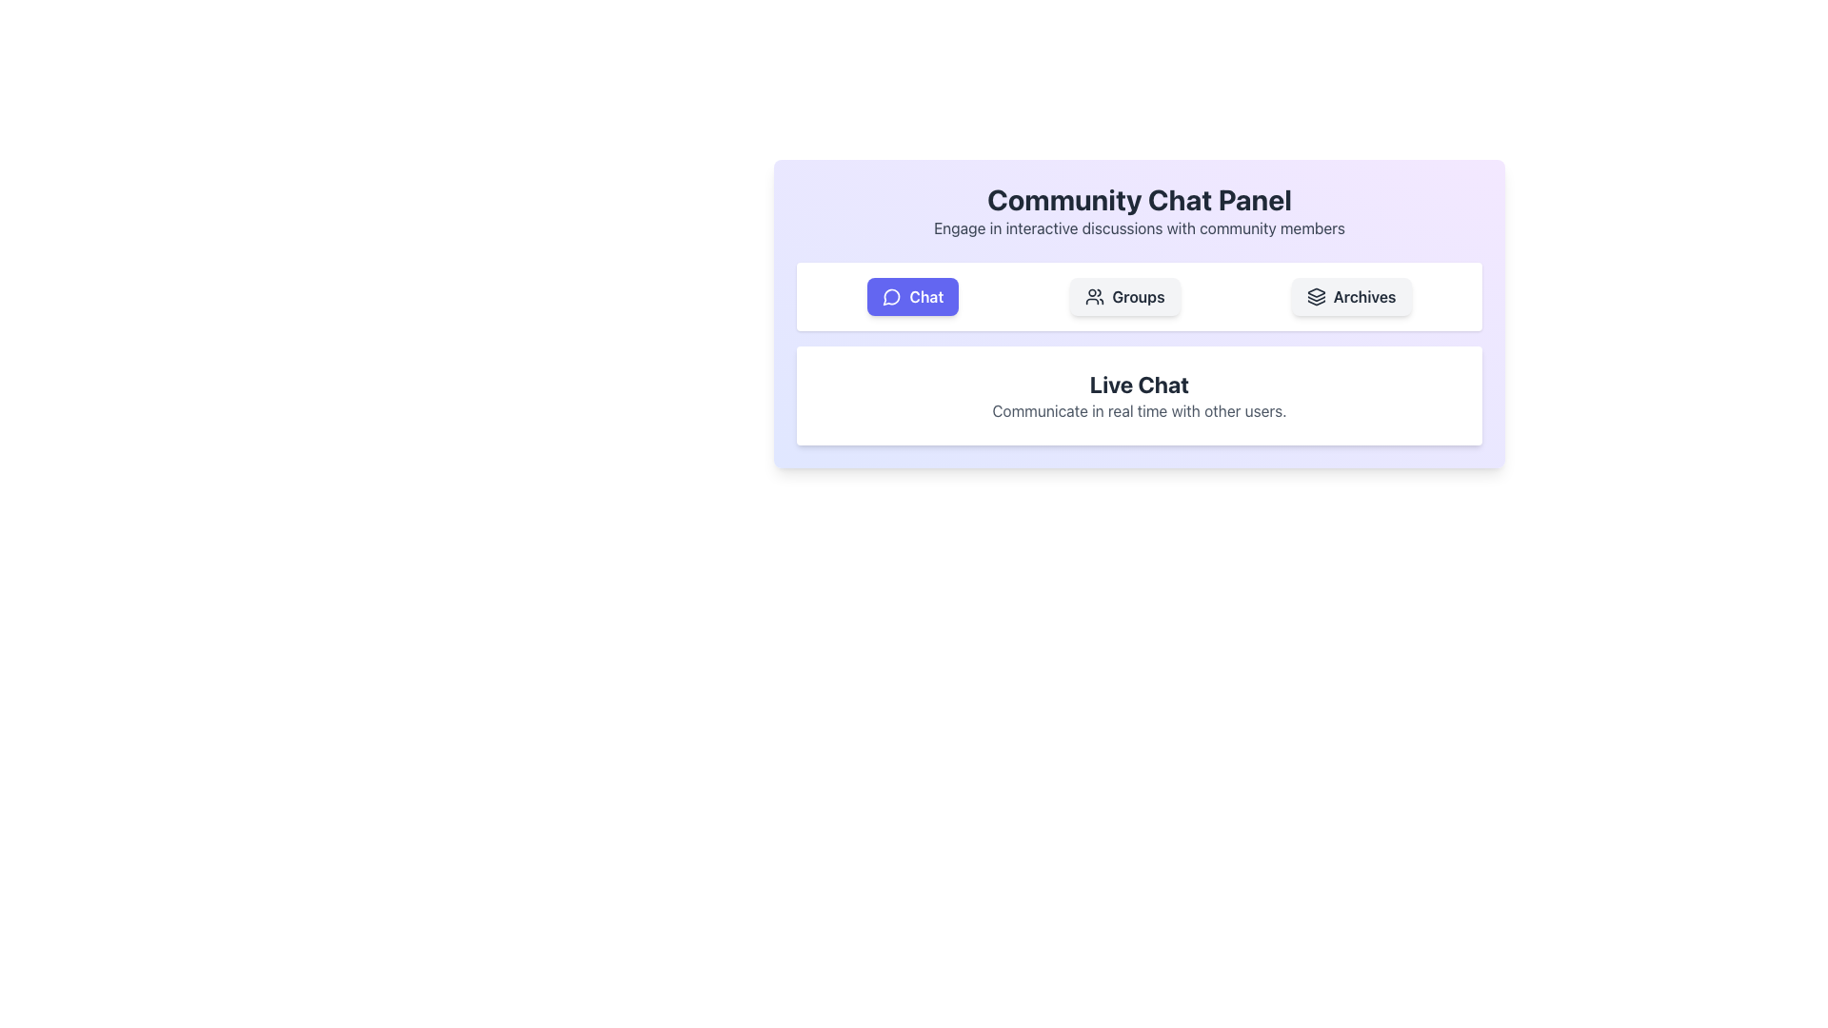 The height and width of the screenshot is (1028, 1828). What do you see at coordinates (1315, 297) in the screenshot?
I see `the decorative 'Archives' icon located to the left of the 'Archives' button, which is the third button in a horizontal row of three, enhancing user recognition` at bounding box center [1315, 297].